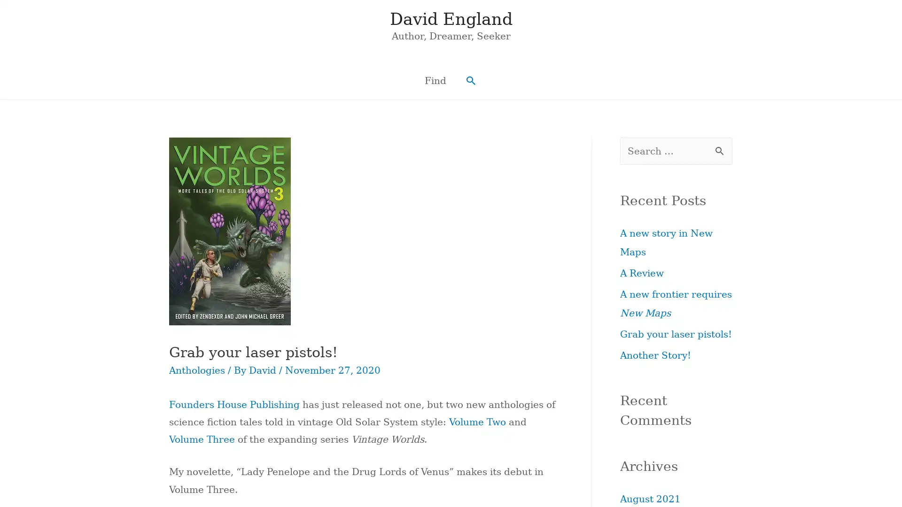 The height and width of the screenshot is (507, 902). Describe the element at coordinates (721, 152) in the screenshot. I see `Search` at that location.